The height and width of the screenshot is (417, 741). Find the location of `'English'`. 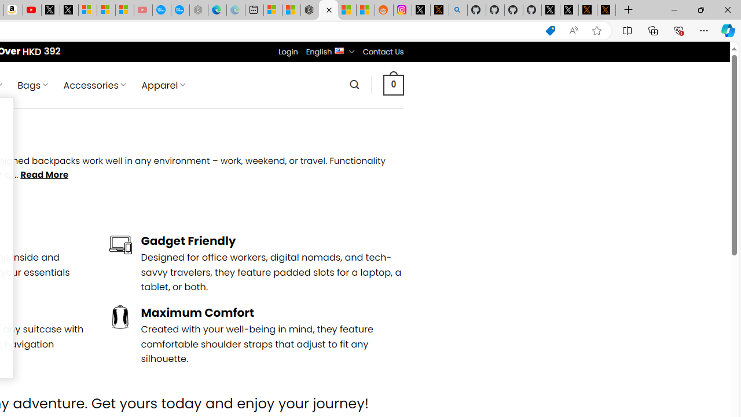

'English' is located at coordinates (339, 49).